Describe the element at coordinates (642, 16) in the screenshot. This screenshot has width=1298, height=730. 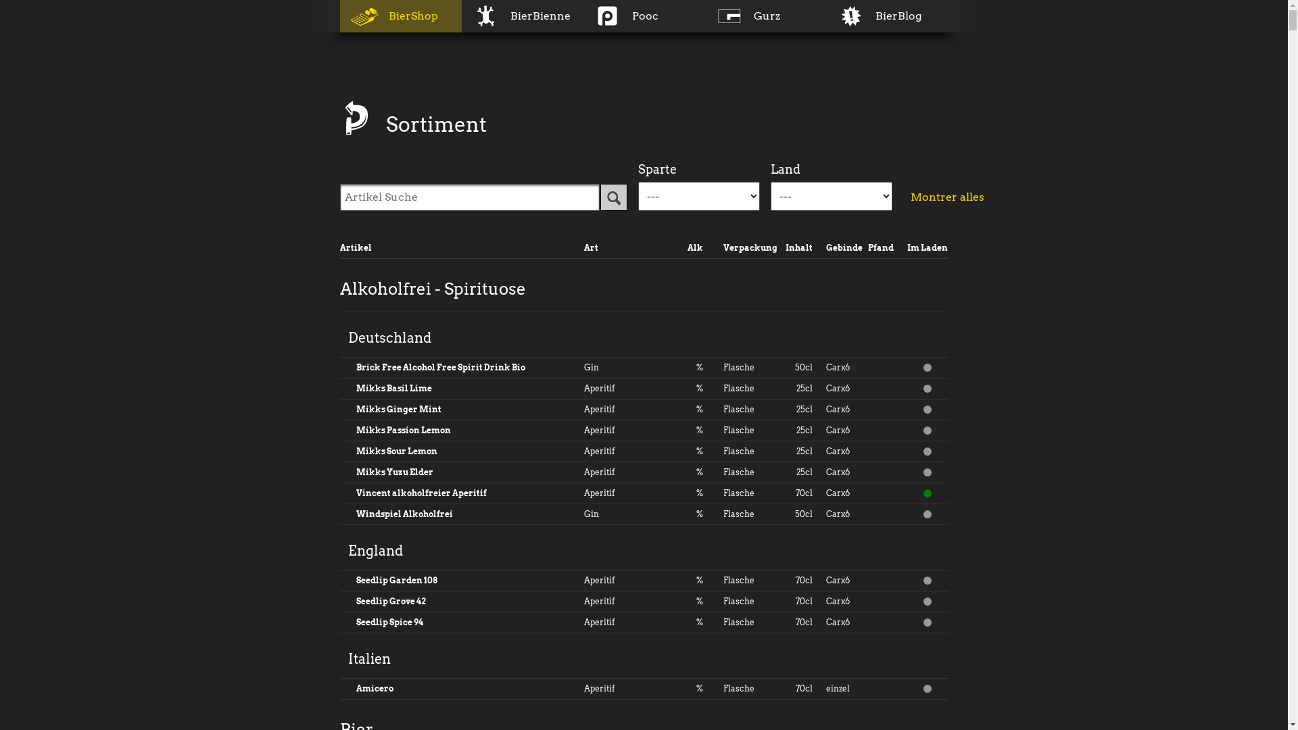
I see `'Pooc'` at that location.